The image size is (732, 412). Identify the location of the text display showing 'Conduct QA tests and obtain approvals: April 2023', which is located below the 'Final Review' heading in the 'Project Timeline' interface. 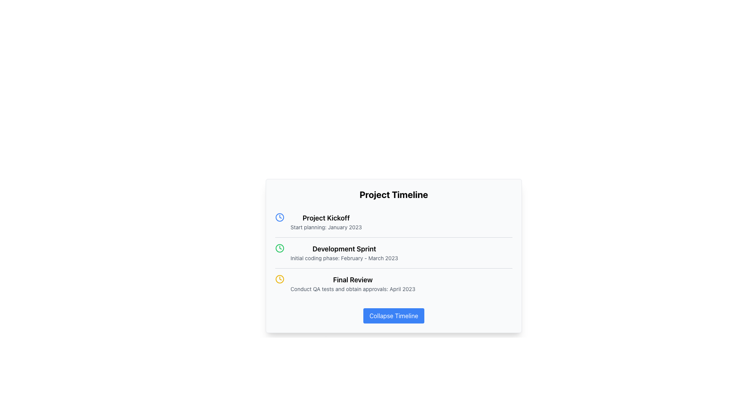
(352, 289).